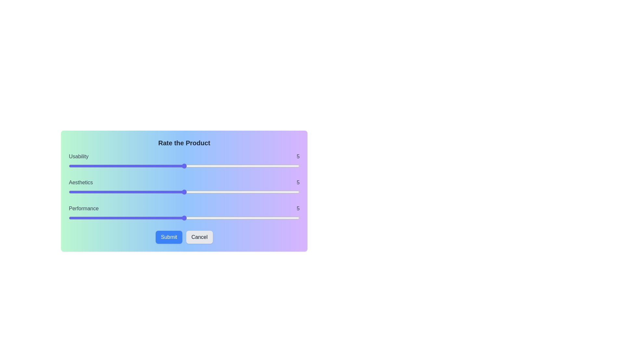  I want to click on the slider to set the usability rating to 1, so click(92, 165).